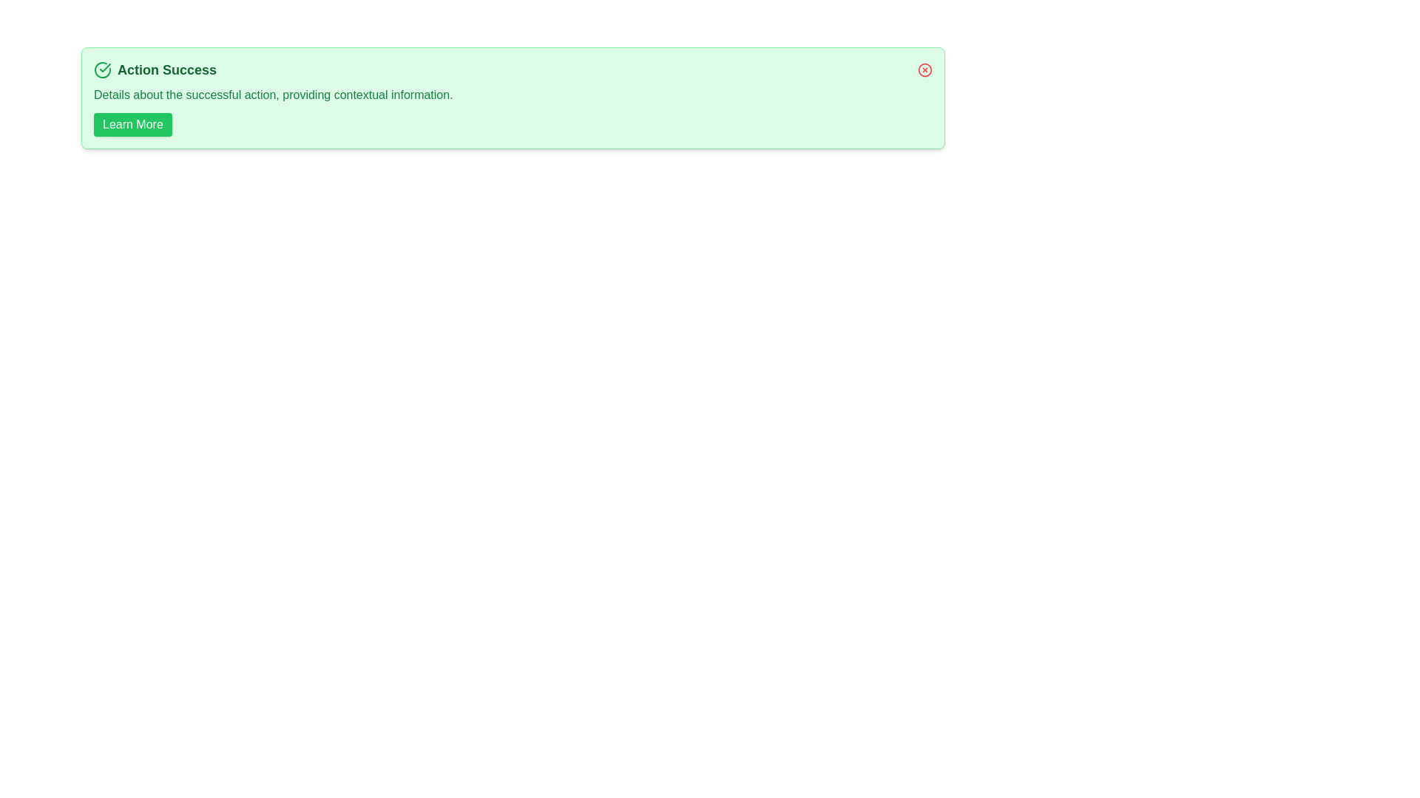  Describe the element at coordinates (924, 70) in the screenshot. I see `the close button to dismiss the alert` at that location.